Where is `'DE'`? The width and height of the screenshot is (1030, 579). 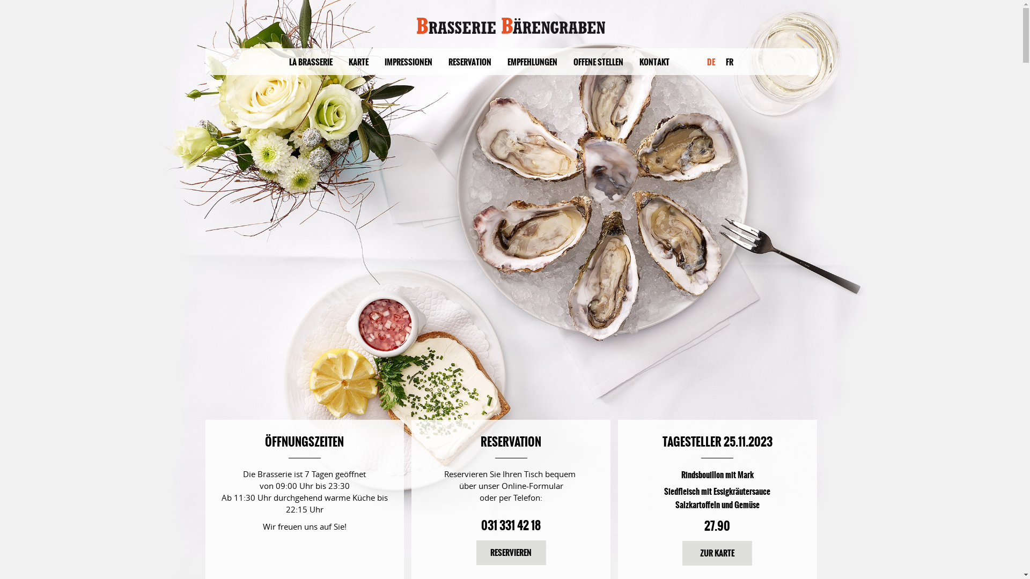 'DE' is located at coordinates (708, 62).